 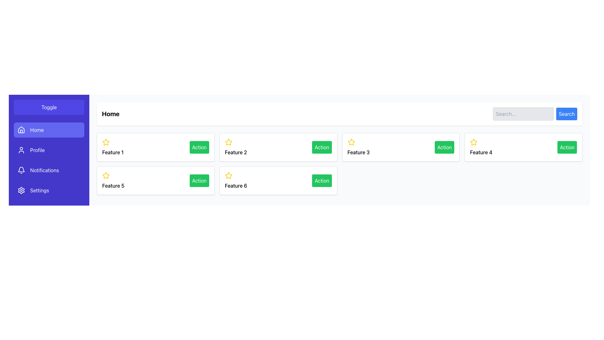 What do you see at coordinates (228, 142) in the screenshot?
I see `the visual indicator icon located in the second card of the 'Home' section, positioned between the star for 'Feature 1' and the star for 'Feature 3'` at bounding box center [228, 142].